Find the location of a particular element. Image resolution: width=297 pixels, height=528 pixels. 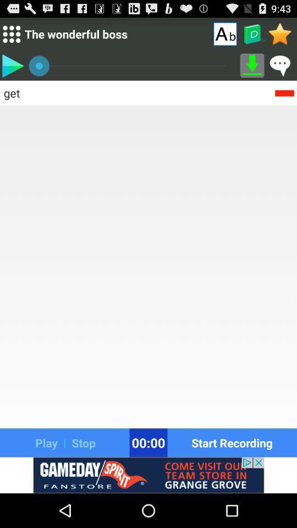

the file is located at coordinates (12, 65).